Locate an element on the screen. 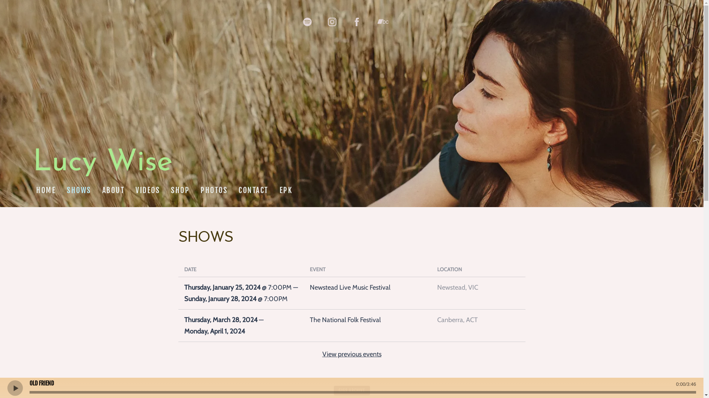  'Canberra, ACT' is located at coordinates (478, 320).